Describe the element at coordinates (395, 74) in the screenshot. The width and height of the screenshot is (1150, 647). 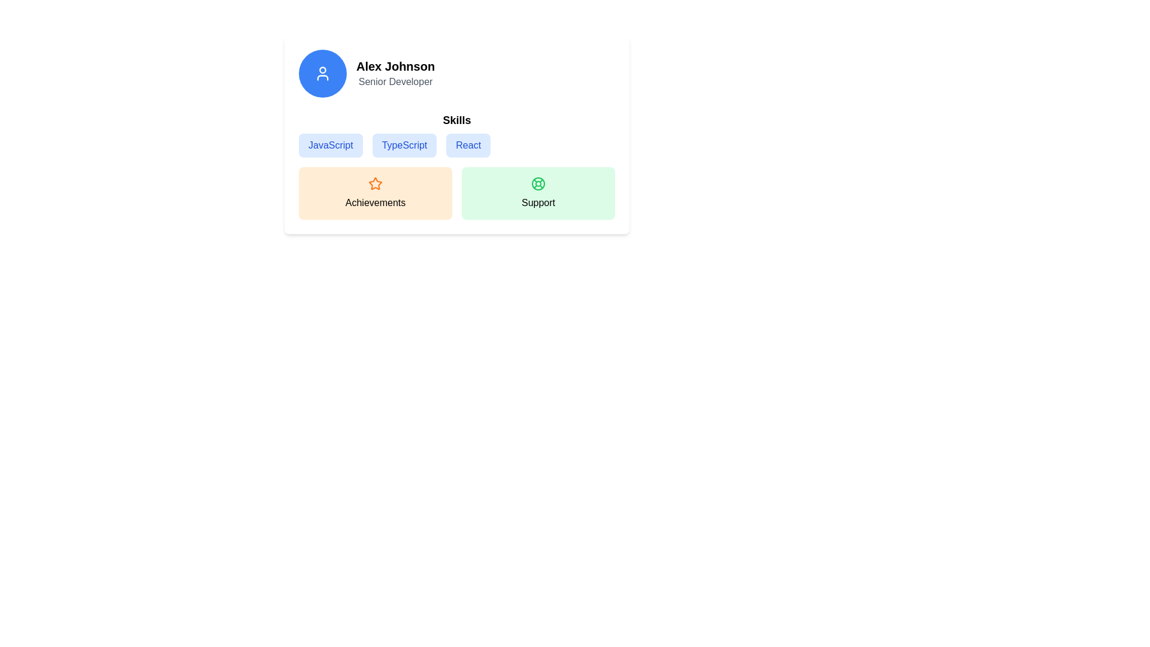
I see `the text display element containing the title 'Alex Johnson' and subtitle 'Senior Developer', which is positioned centrally in the upper segment of the layout` at that location.